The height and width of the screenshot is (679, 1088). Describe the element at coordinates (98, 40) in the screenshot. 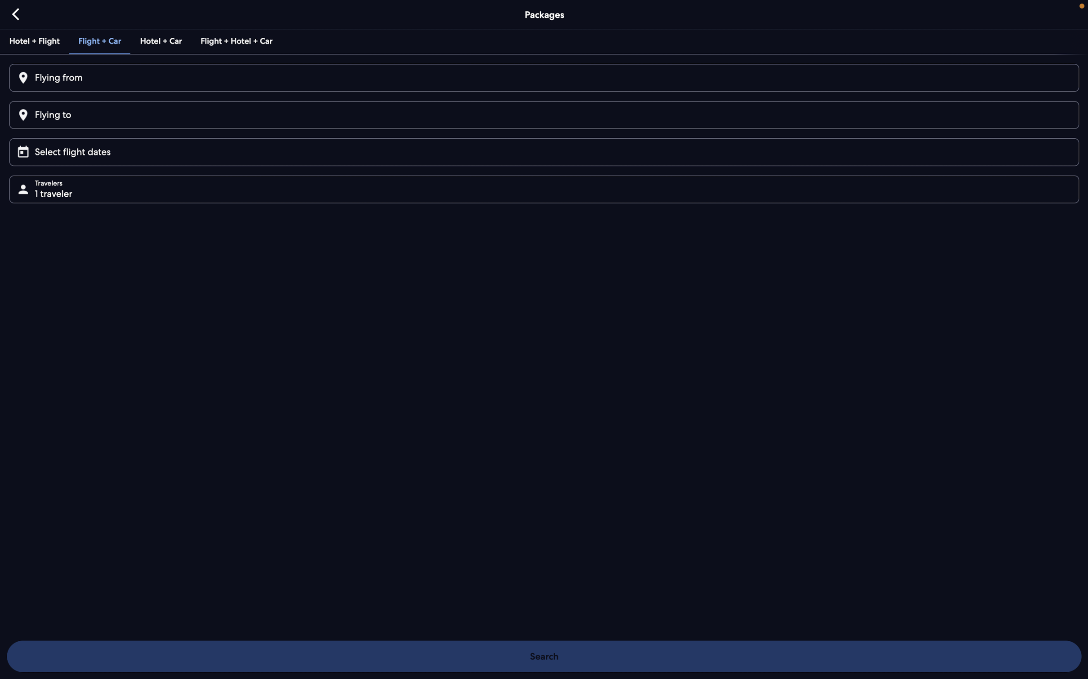

I see `the bundle option for both flight and car` at that location.